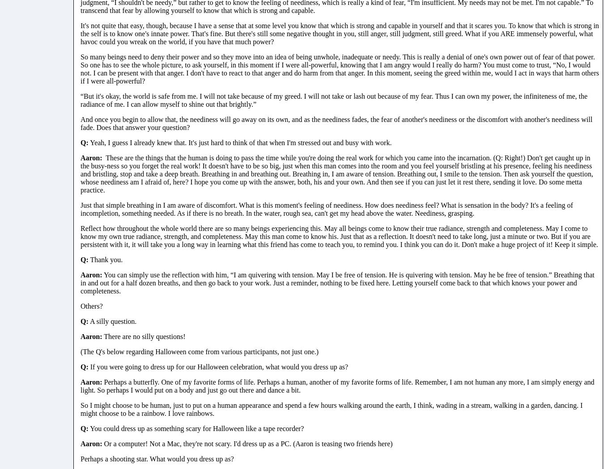  What do you see at coordinates (196, 427) in the screenshot?
I see `'You could dress up as something scary for Halloween like a tape recorder?'` at bounding box center [196, 427].